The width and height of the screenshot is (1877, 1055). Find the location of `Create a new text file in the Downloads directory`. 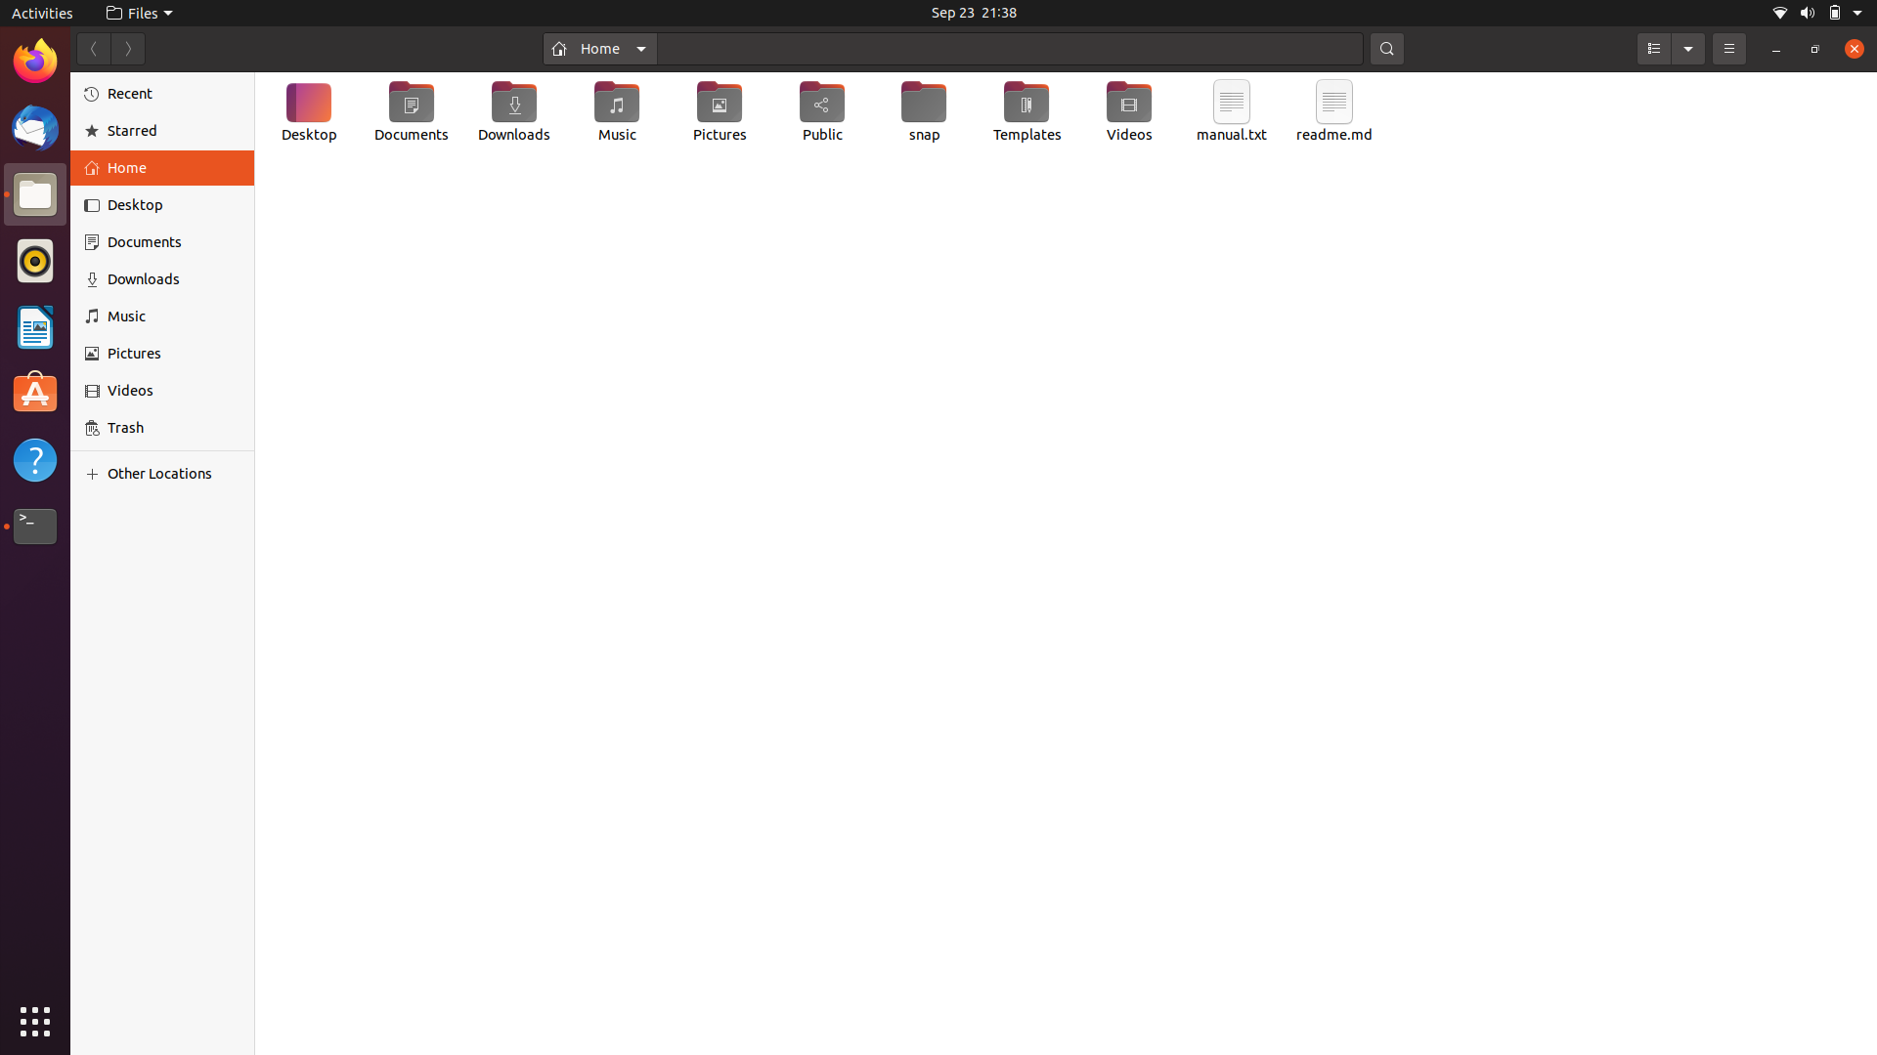

Create a new text file in the Downloads directory is located at coordinates (515, 113).